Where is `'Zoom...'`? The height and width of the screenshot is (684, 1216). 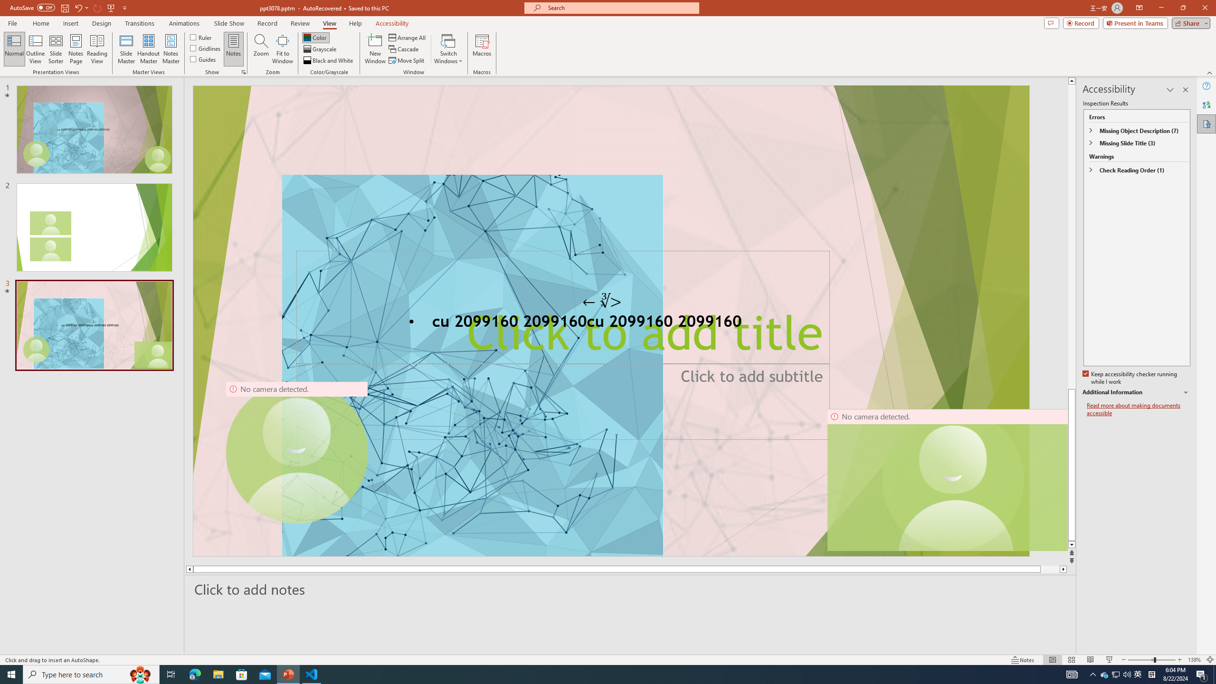 'Zoom...' is located at coordinates (261, 49).